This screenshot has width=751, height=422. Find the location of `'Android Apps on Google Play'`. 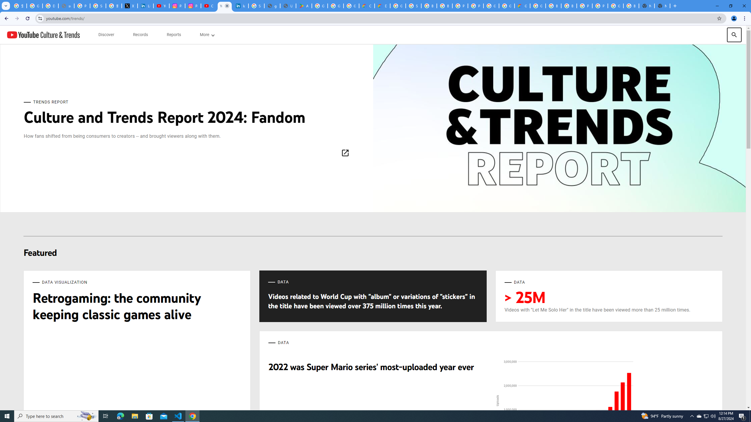

'Android Apps on Google Play' is located at coordinates (304, 6).